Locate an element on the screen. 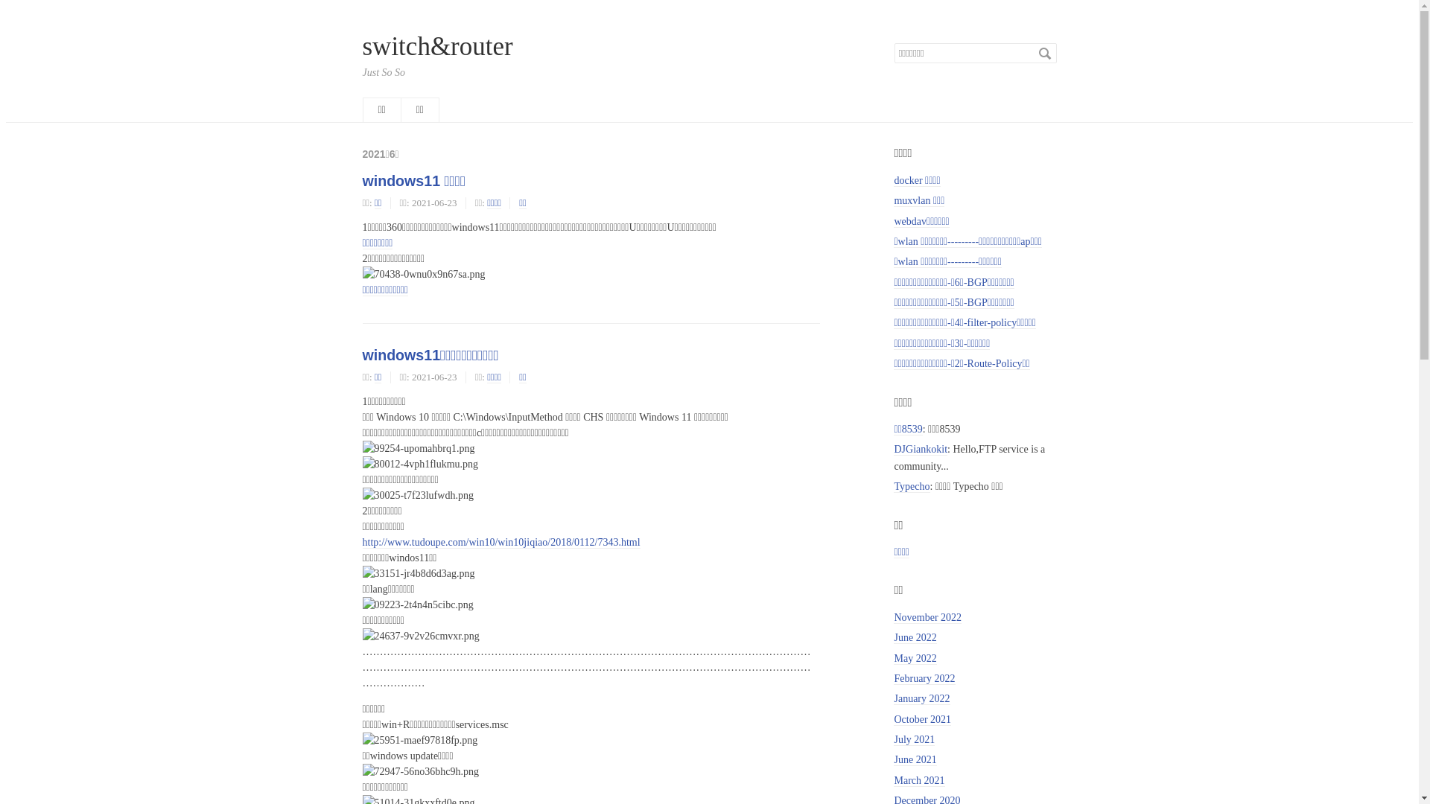 This screenshot has height=804, width=1430. 'July 2021' is located at coordinates (894, 740).